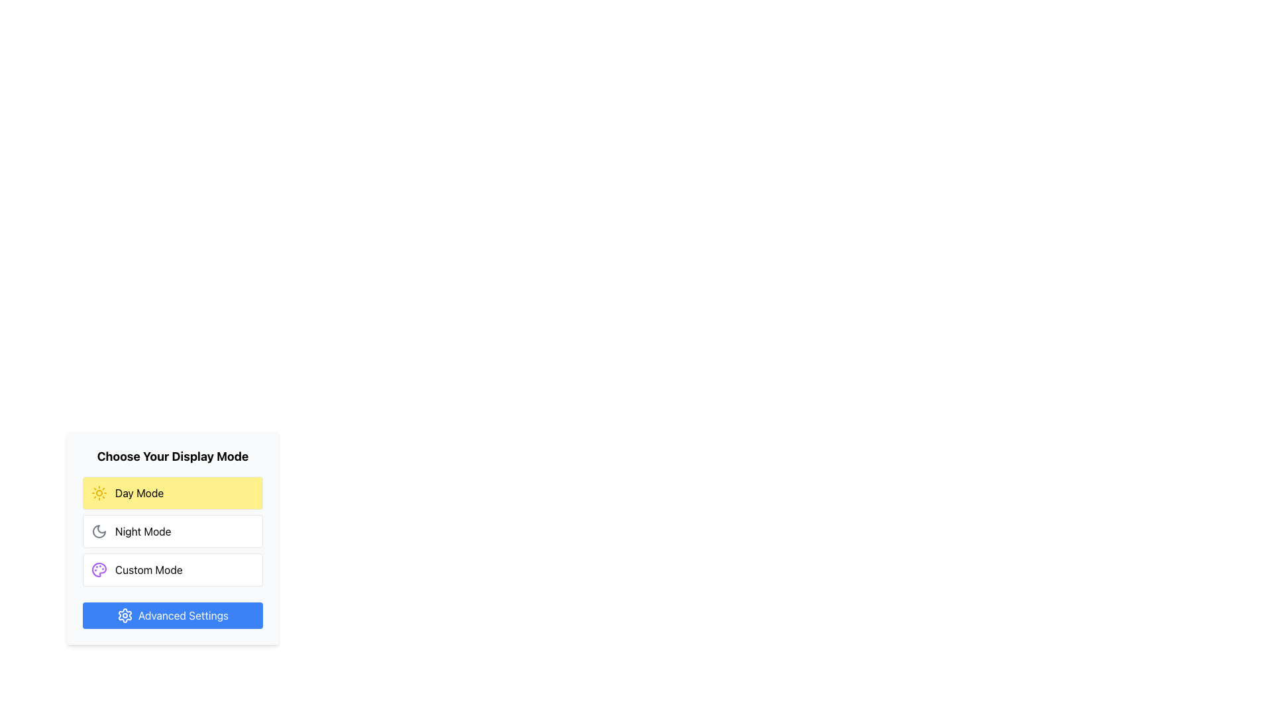 Image resolution: width=1272 pixels, height=715 pixels. Describe the element at coordinates (98, 569) in the screenshot. I see `the decorative icon representing the 'Custom Mode' option, which is positioned to the left of the 'Custom Mode' label in the selectable options under 'Choose Your Display Mode'` at that location.